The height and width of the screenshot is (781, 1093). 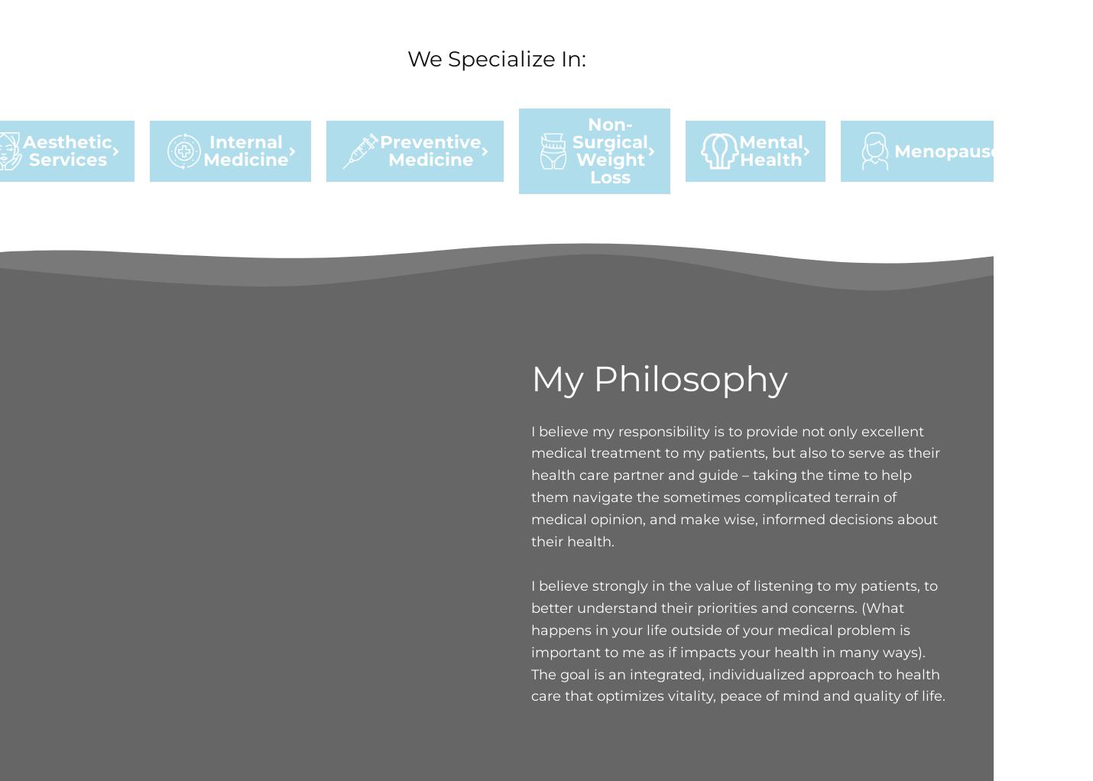 I want to click on 'I believe strongly in the value of listening to my patients, to better understand their priorities and concerns. (What happens in your life outside of your medical problem is important to me as if impacts your health in many ways). The goal is an integrated, individualized approach to health care that optimizes vitality, peace of mind and quality of life.', so click(x=737, y=640).